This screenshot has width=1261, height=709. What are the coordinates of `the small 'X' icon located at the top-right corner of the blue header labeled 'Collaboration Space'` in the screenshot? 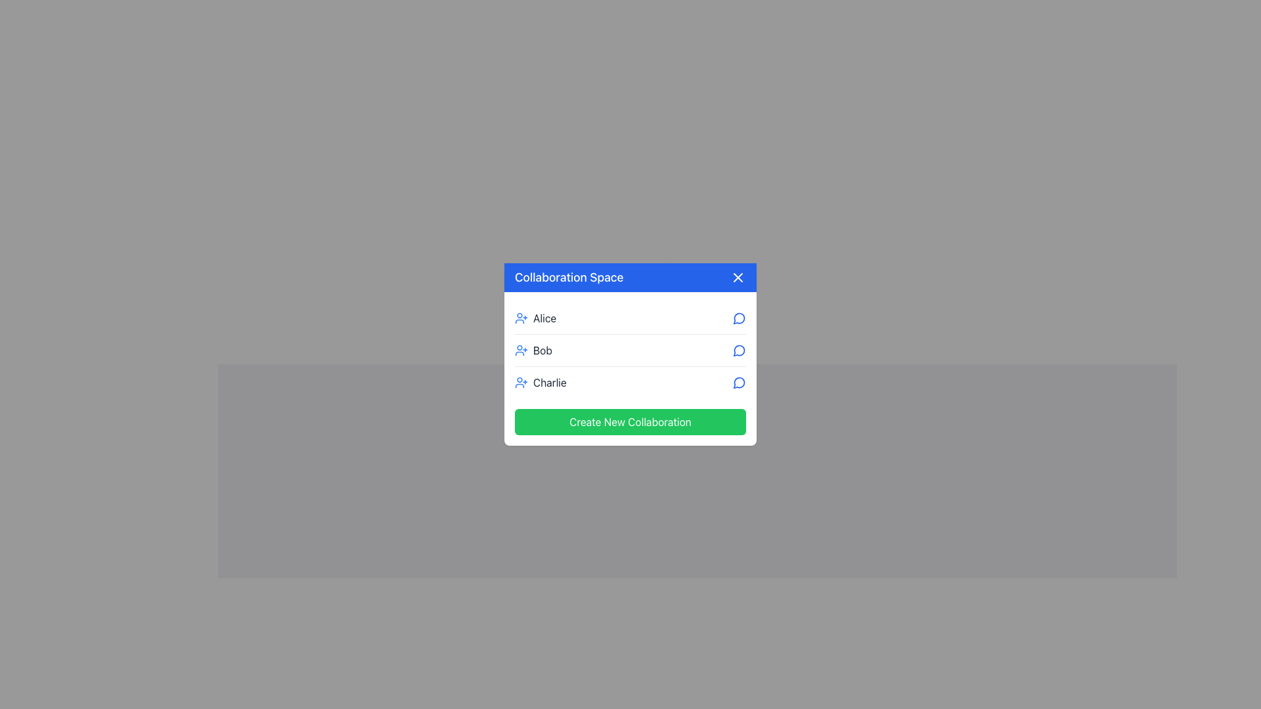 It's located at (738, 277).